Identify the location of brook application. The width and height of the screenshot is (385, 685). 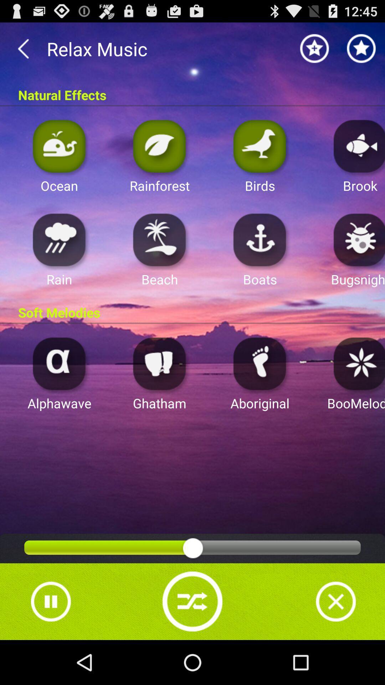
(357, 146).